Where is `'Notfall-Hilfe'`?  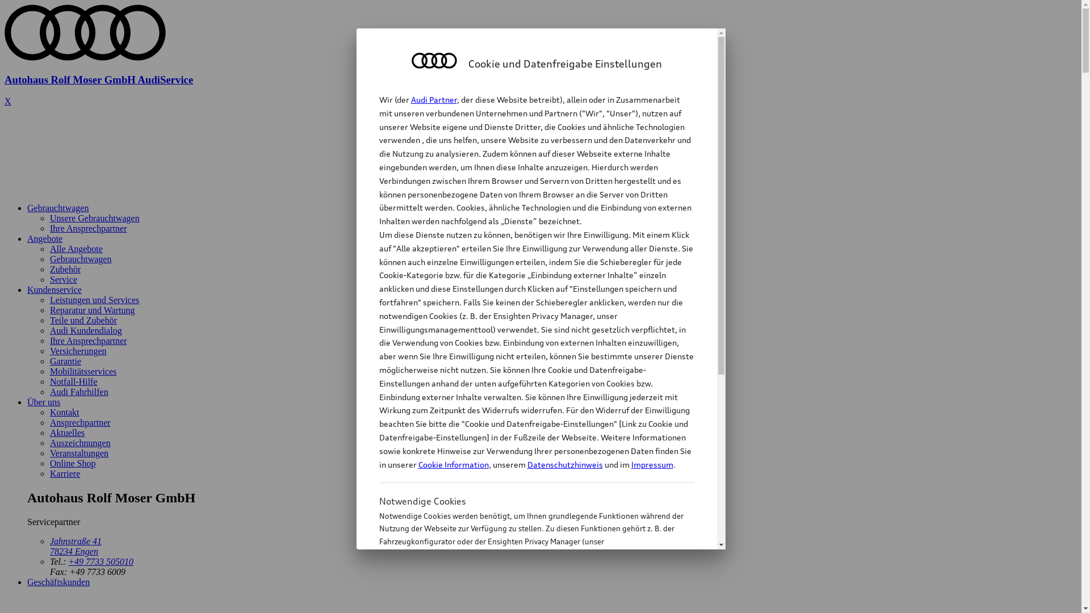 'Notfall-Hilfe' is located at coordinates (73, 381).